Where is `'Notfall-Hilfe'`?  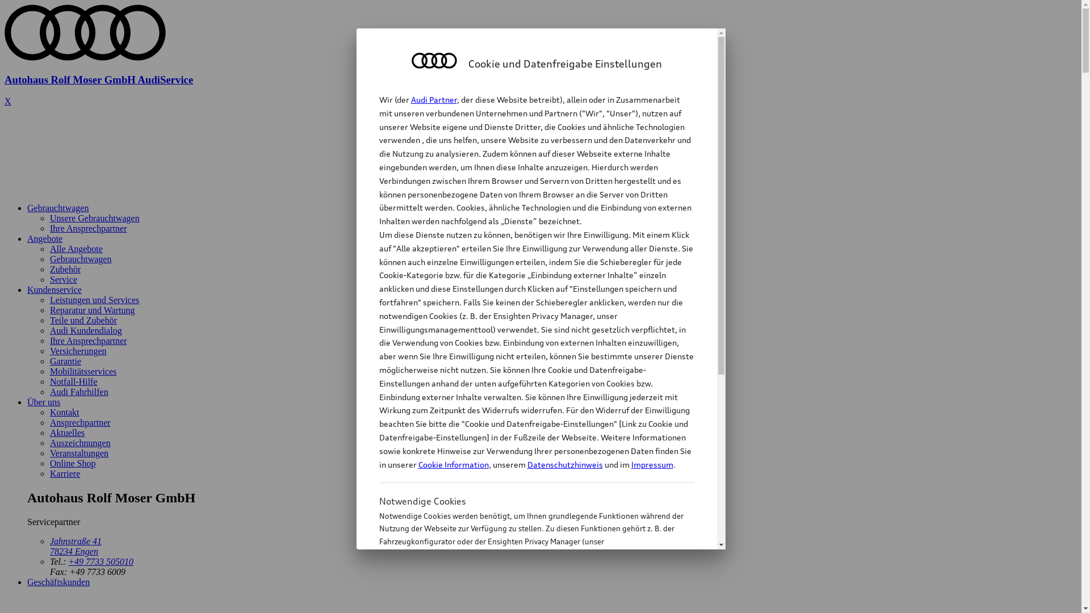 'Notfall-Hilfe' is located at coordinates (73, 381).